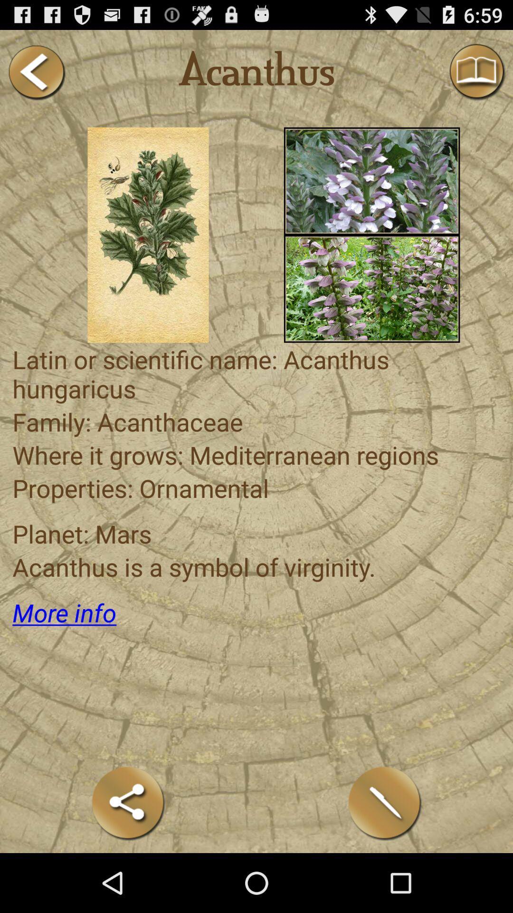  Describe the element at coordinates (371, 181) in the screenshot. I see `open photo` at that location.